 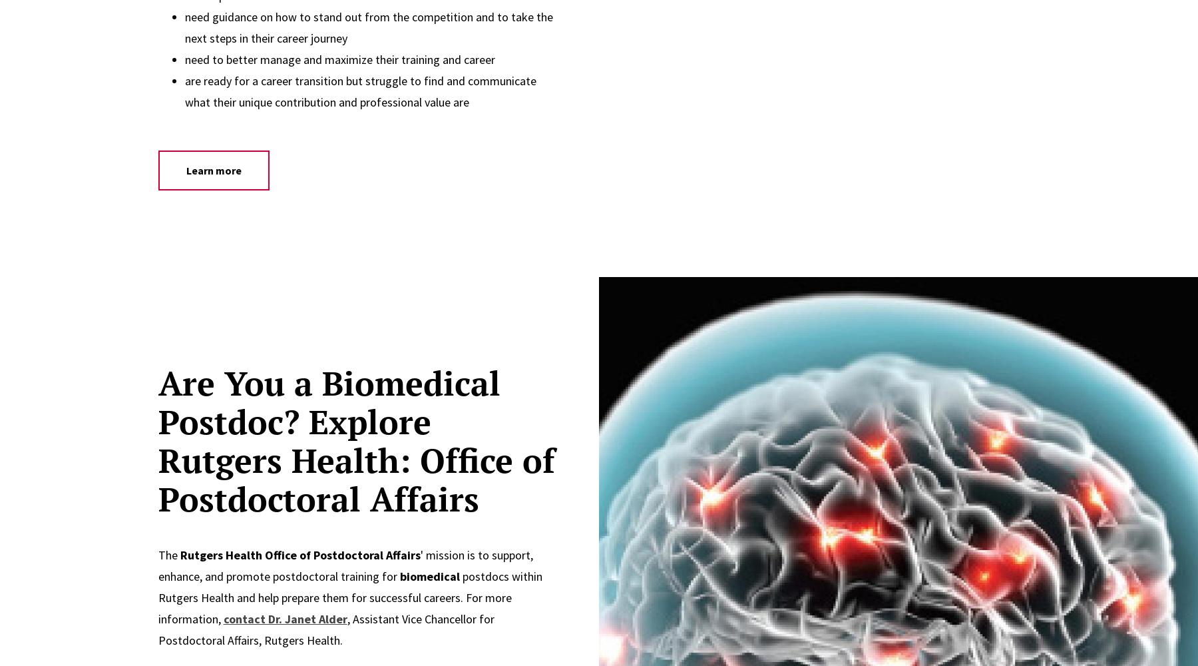 I want to click on 'Rutgers Health Office of Postdoctoral Affairs', so click(x=299, y=554).